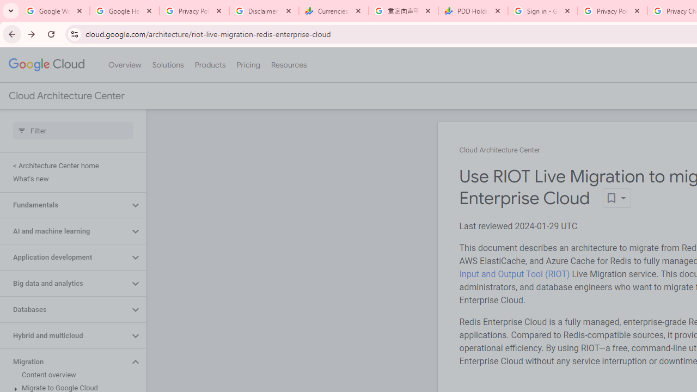 This screenshot has width=697, height=392. I want to click on 'Hybrid and multicloud', so click(64, 335).